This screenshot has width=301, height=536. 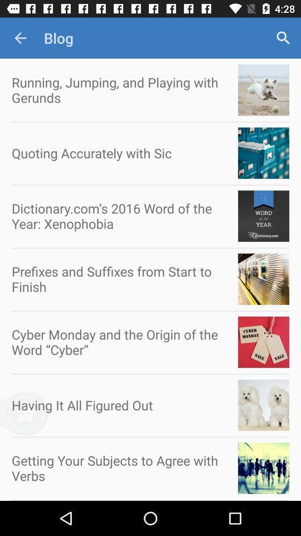 I want to click on icon to the right of the blog app, so click(x=283, y=38).